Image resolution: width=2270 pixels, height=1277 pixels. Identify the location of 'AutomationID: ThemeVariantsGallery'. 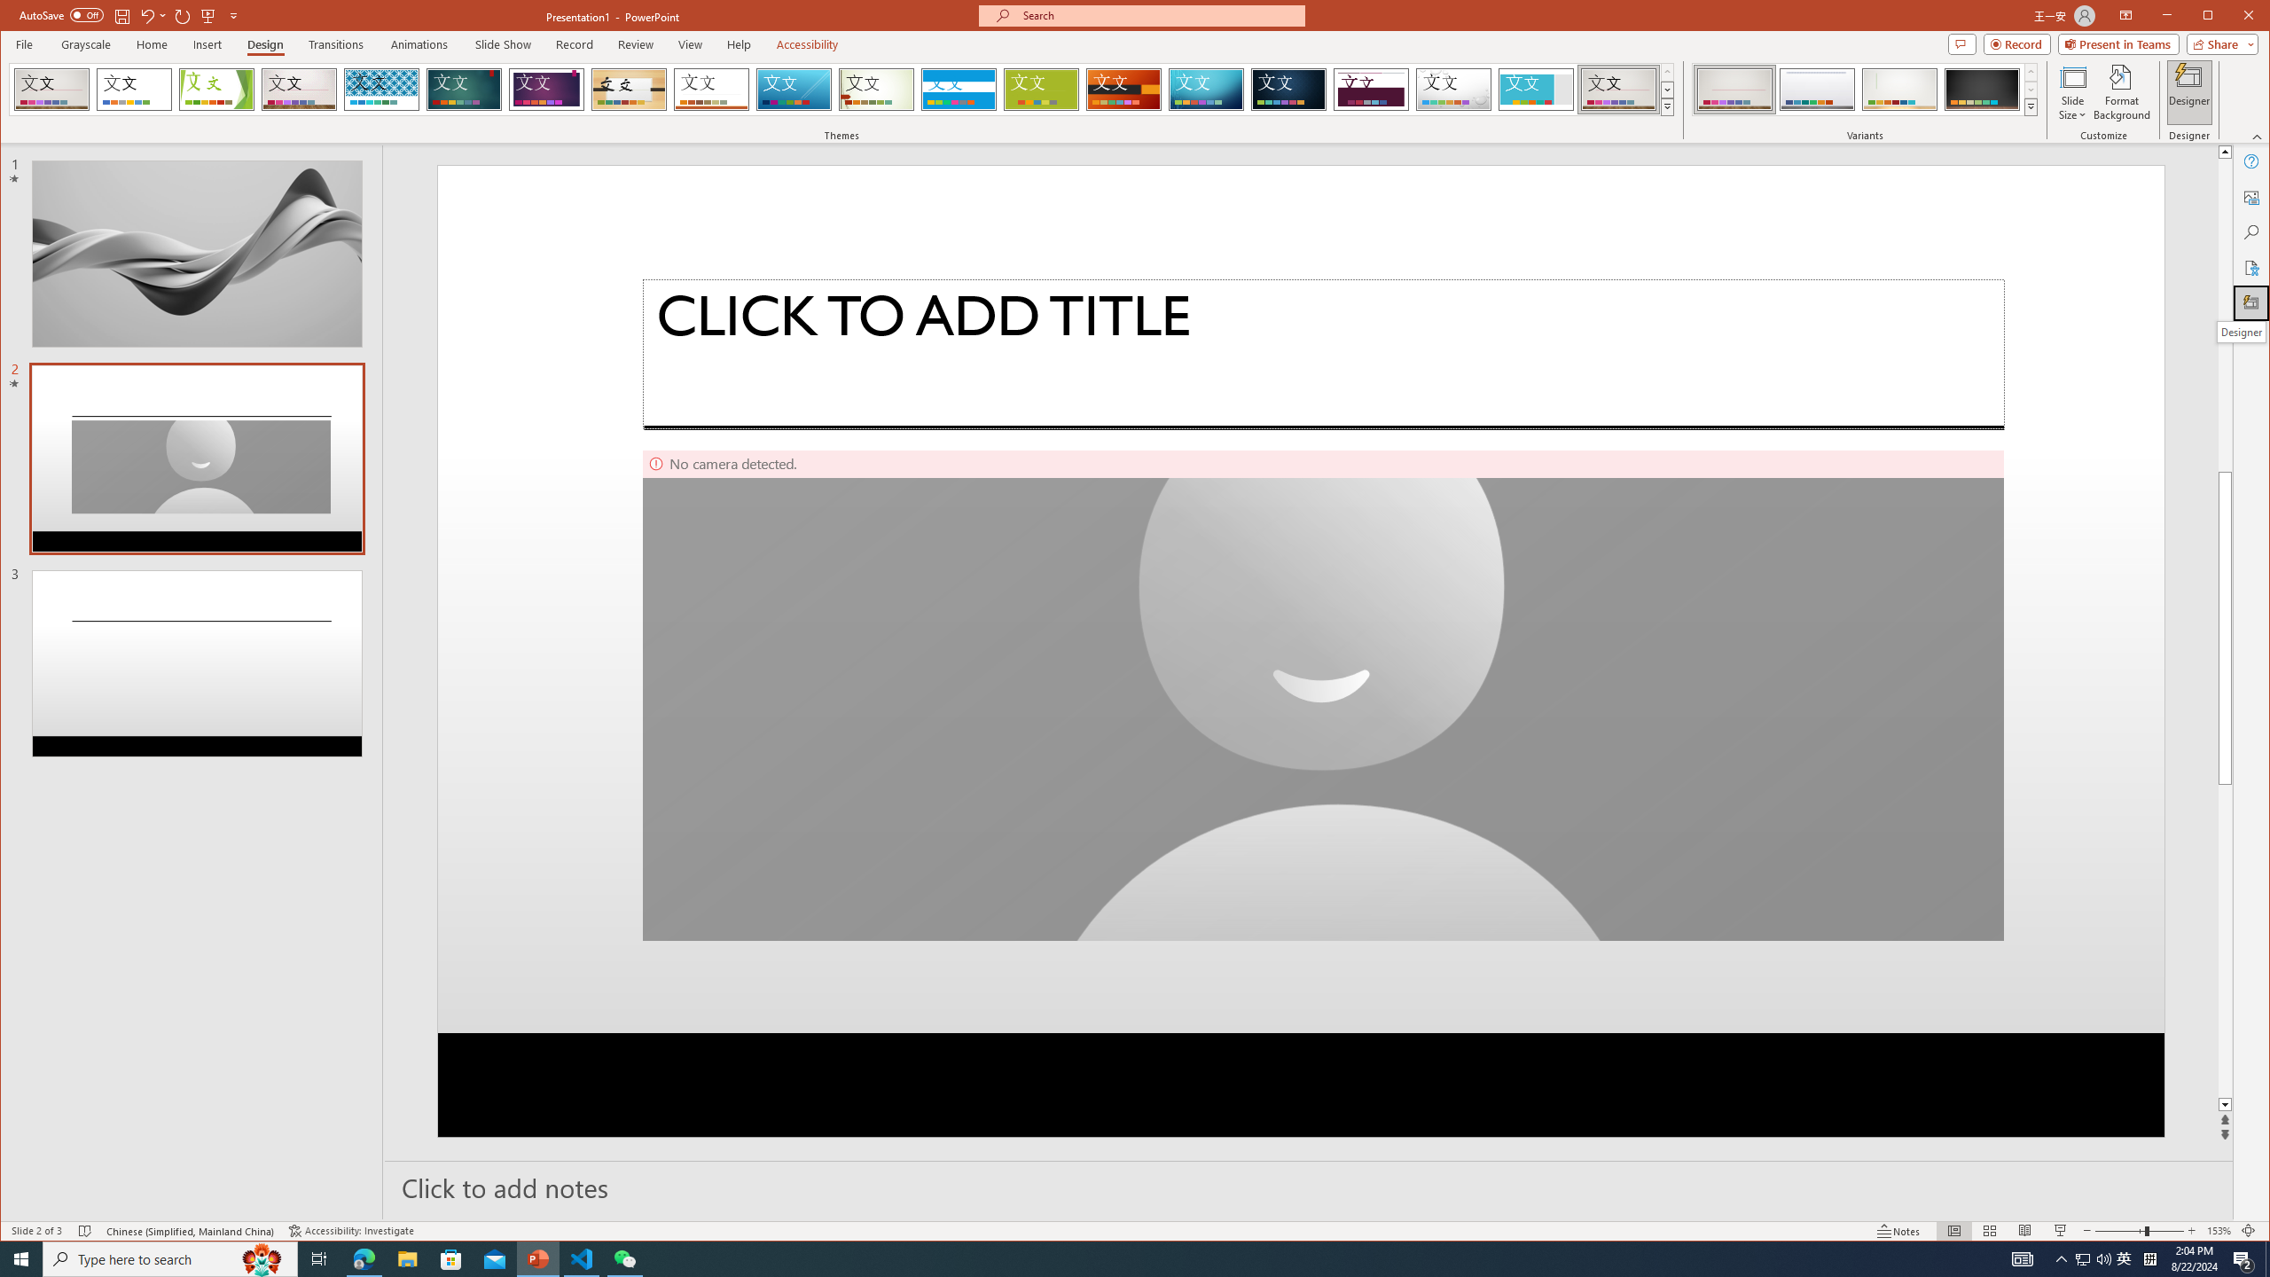
(1865, 88).